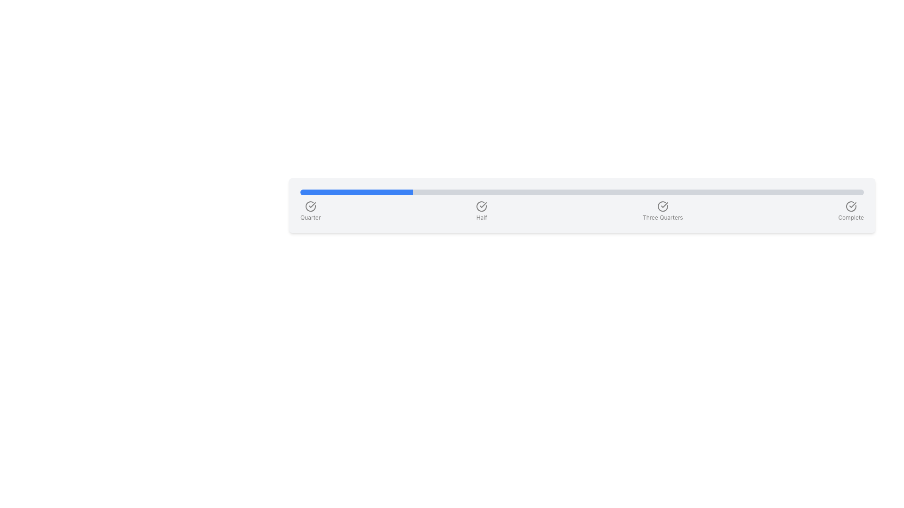  Describe the element at coordinates (482, 210) in the screenshot. I see `the second progress indicator in the horizontal progress bar, which represents the halfway point` at that location.